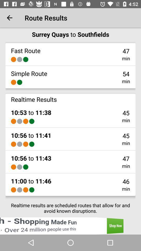 Image resolution: width=141 pixels, height=251 pixels. Describe the element at coordinates (19, 59) in the screenshot. I see `icon below the fast route` at that location.